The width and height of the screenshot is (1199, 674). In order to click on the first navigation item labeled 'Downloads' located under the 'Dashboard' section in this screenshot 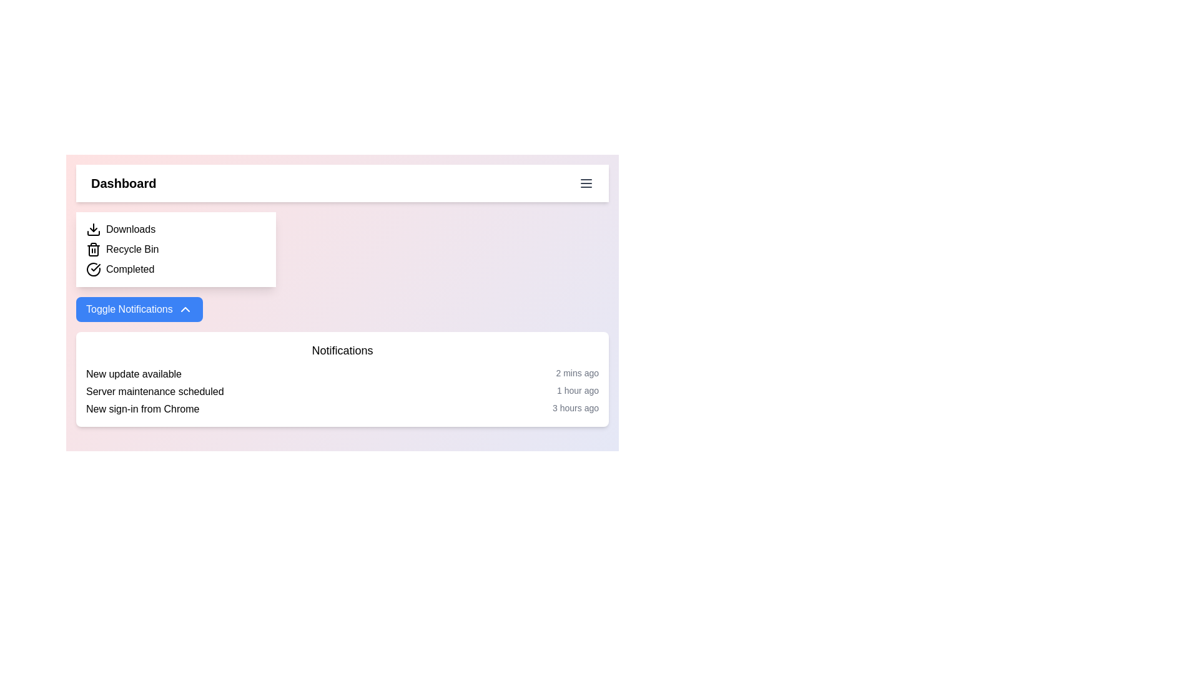, I will do `click(175, 229)`.